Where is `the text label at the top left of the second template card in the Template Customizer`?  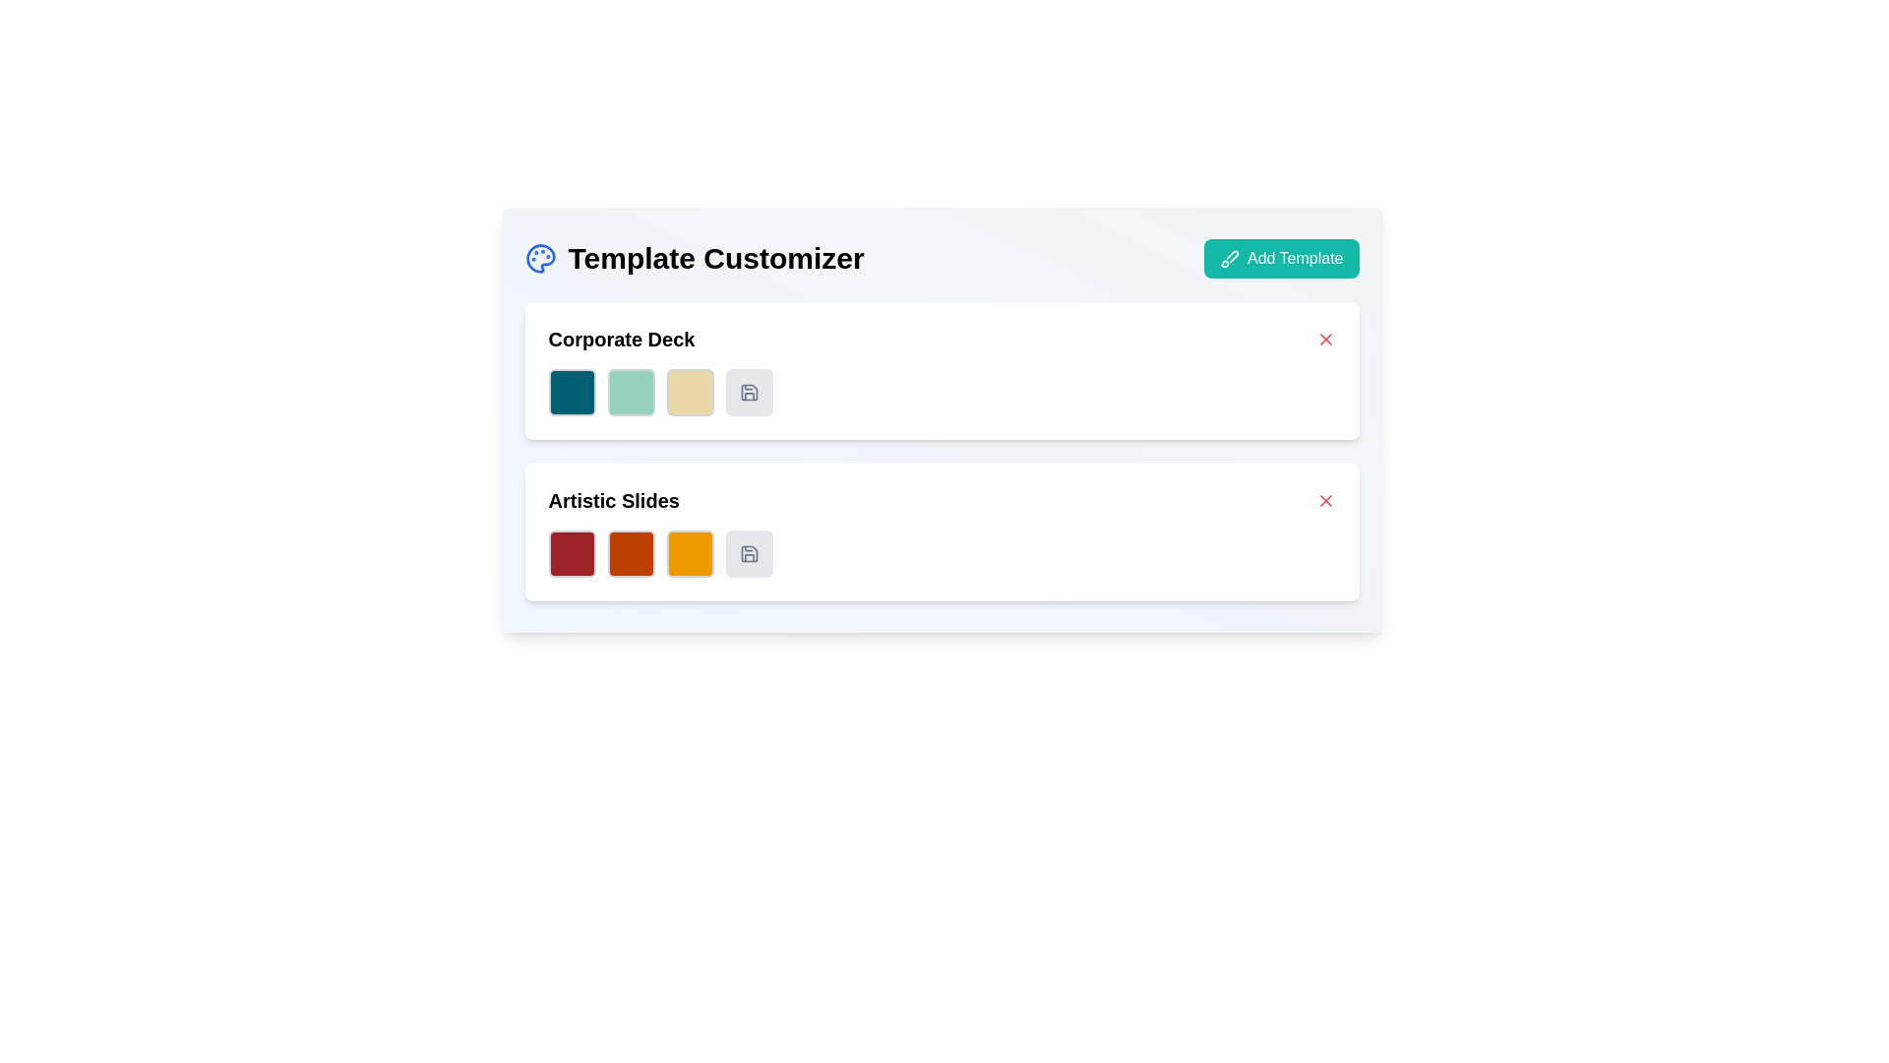
the text label at the top left of the second template card in the Template Customizer is located at coordinates (613, 500).